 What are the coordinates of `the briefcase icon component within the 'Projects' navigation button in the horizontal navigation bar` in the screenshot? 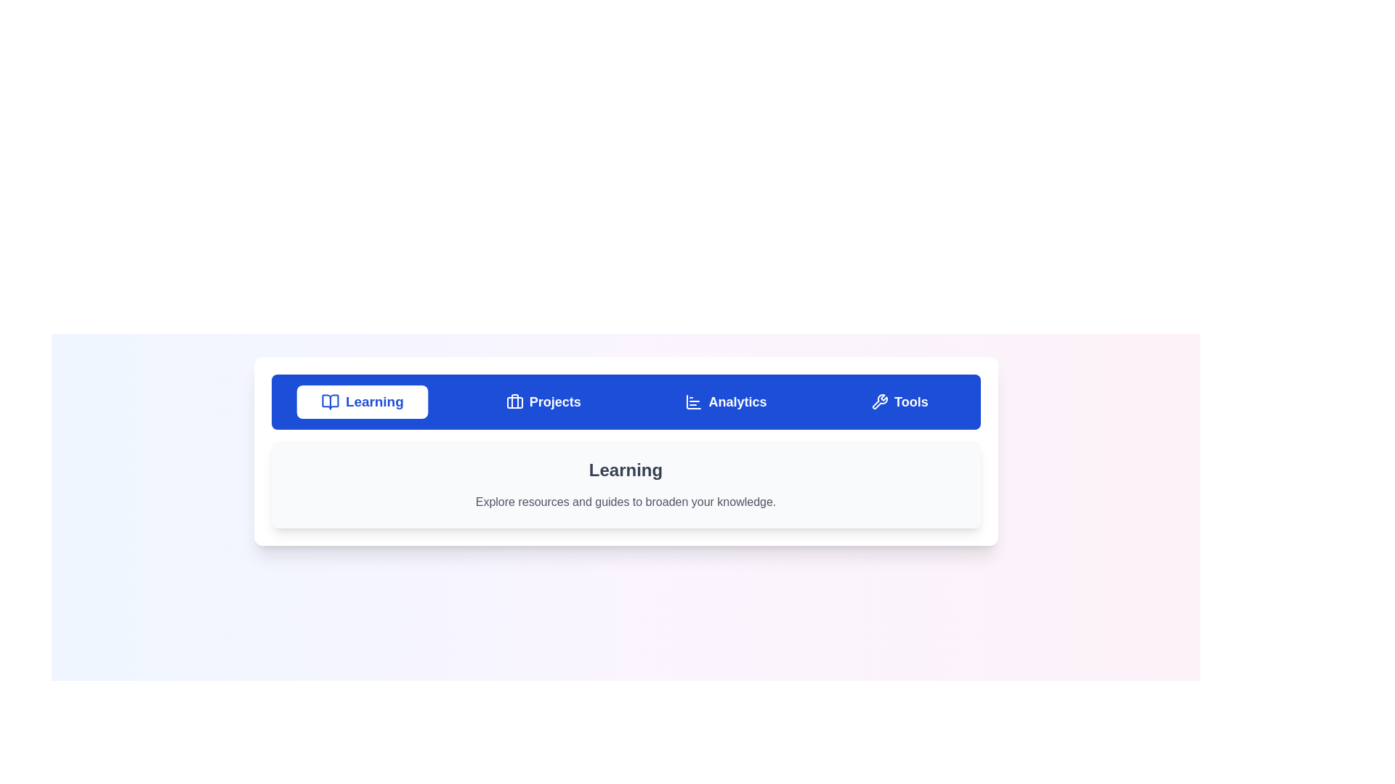 It's located at (514, 401).